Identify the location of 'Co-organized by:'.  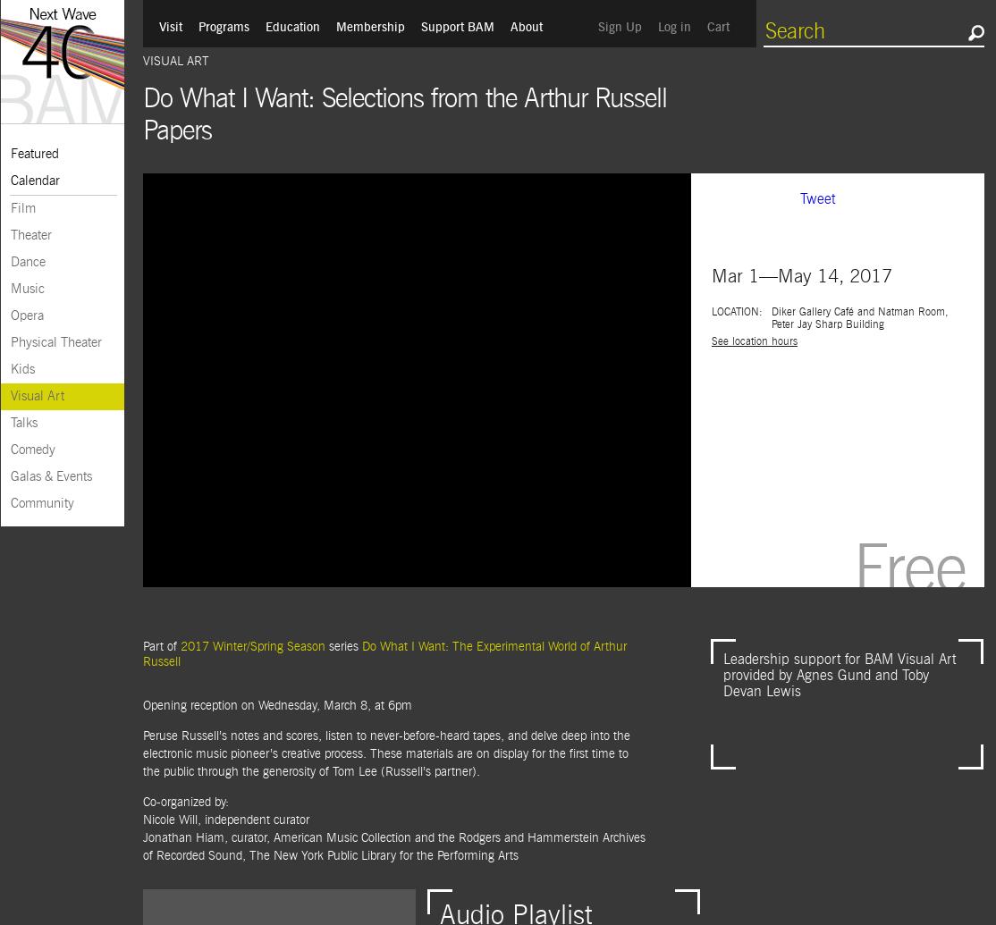
(185, 801).